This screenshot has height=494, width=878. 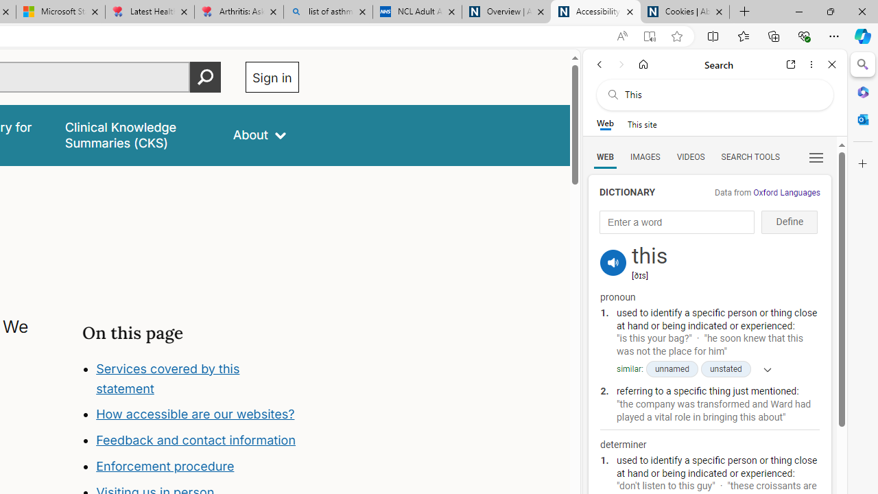 I want to click on 'Show more', so click(x=762, y=368).